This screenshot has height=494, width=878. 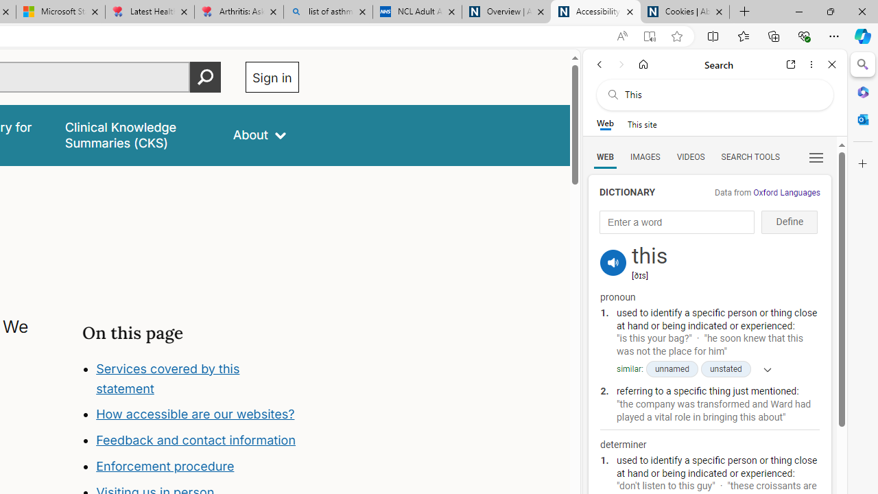 I want to click on 'Show more', so click(x=762, y=368).